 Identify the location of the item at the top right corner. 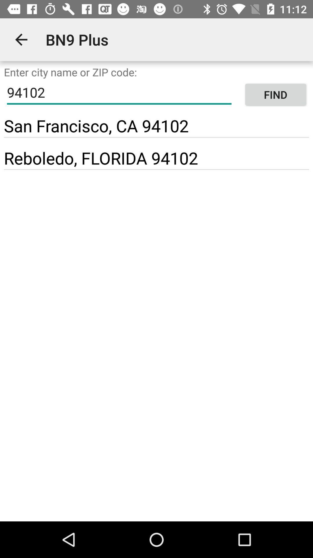
(275, 94).